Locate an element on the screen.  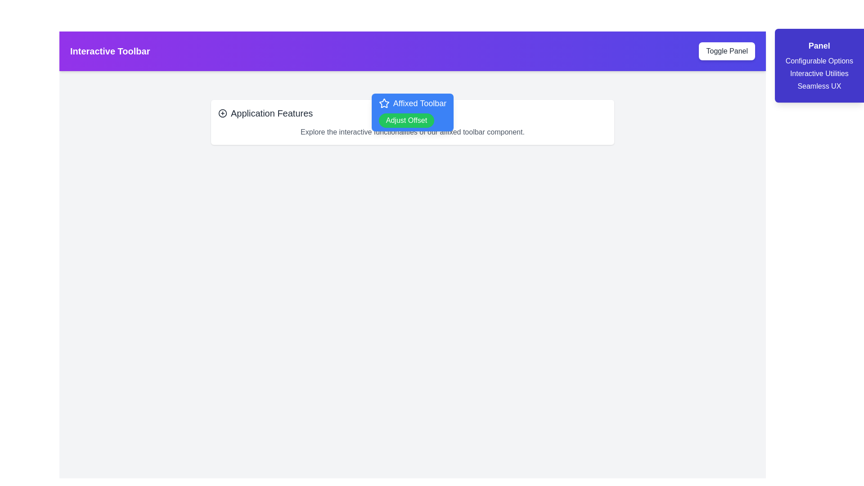
the header text label located at the top of the central white card-like section, which indicates the content focus of the interface below it is located at coordinates (412, 112).